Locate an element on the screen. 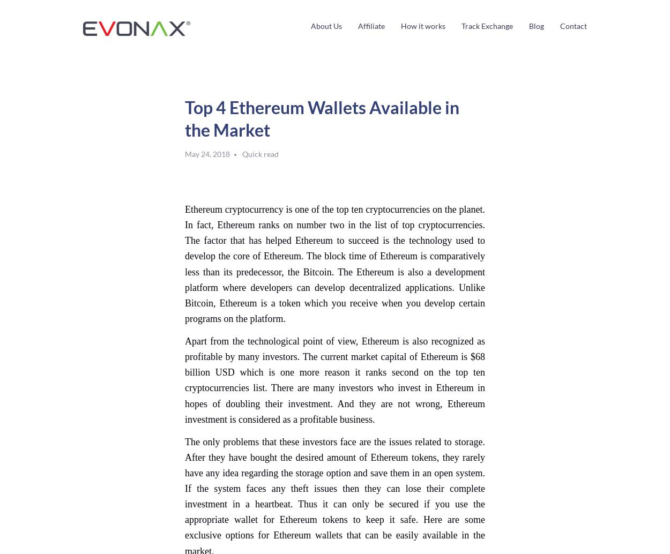  'May 24, 2018' is located at coordinates (207, 153).